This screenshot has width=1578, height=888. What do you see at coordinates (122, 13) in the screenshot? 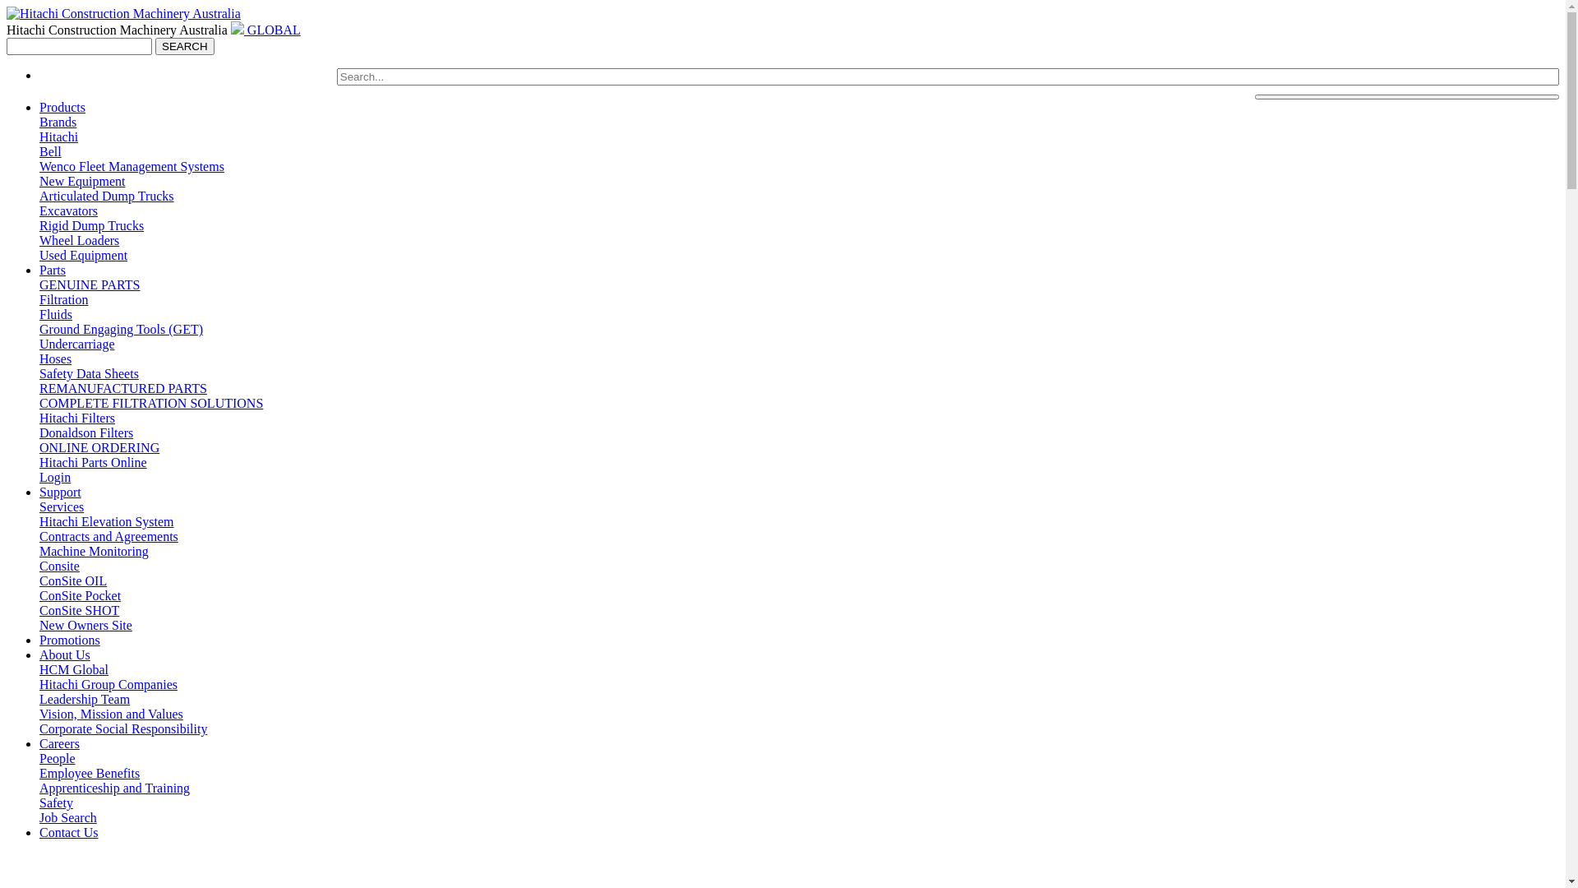
I see `'Go to Home'` at bounding box center [122, 13].